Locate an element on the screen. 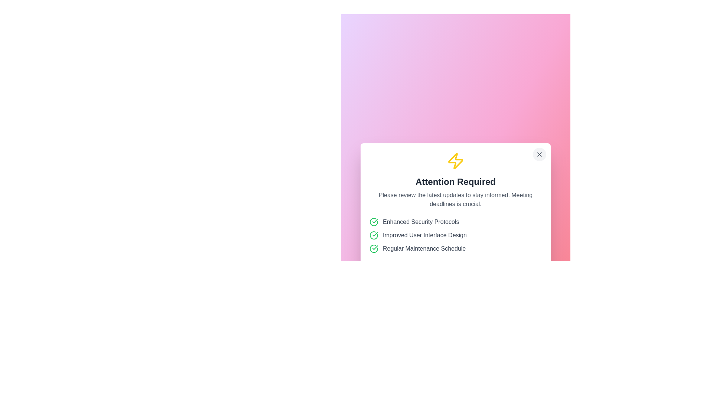 The width and height of the screenshot is (713, 401). the text label located just below the 'Attention Required' header is located at coordinates (455, 199).